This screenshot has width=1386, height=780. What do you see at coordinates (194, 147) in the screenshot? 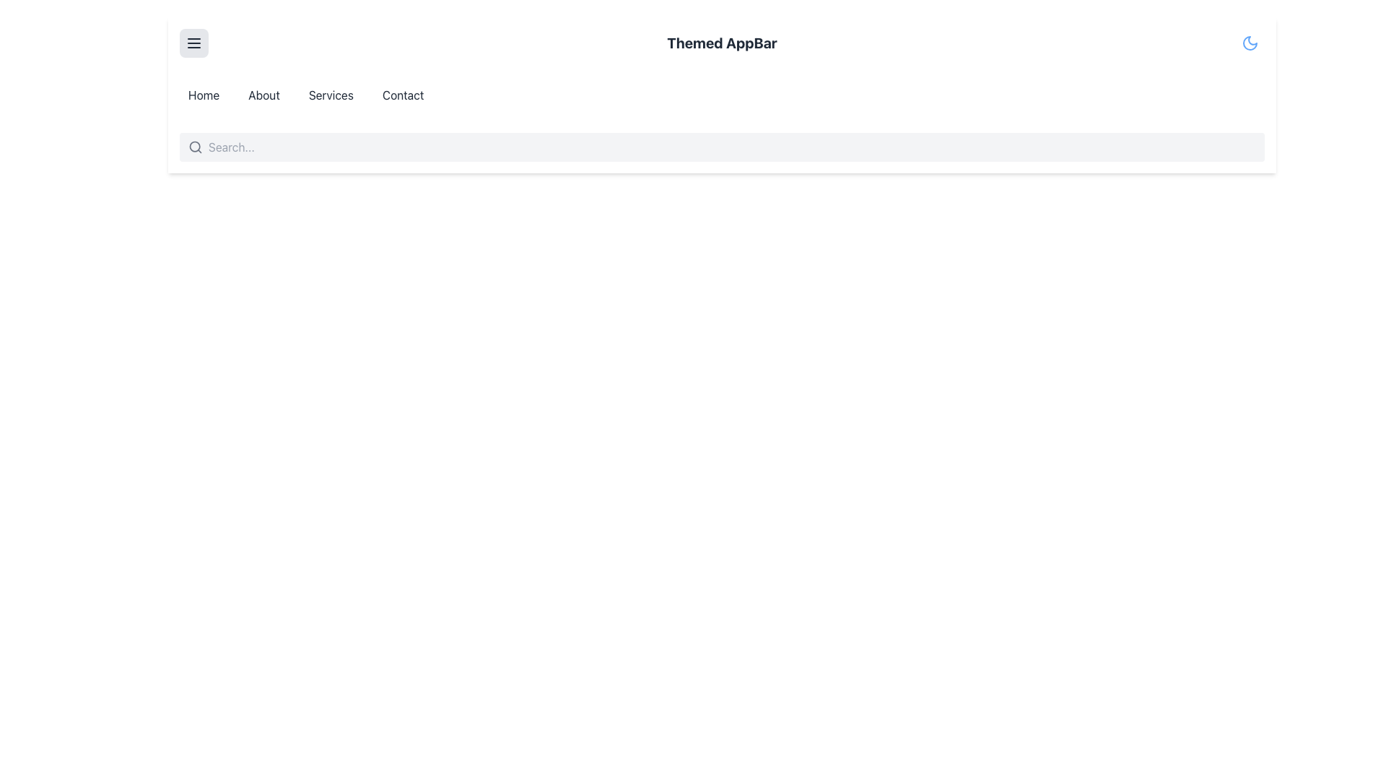
I see `the magnifying glass icon, which is a circular icon with a white background and gray outline, located on the left side of the search input field` at bounding box center [194, 147].